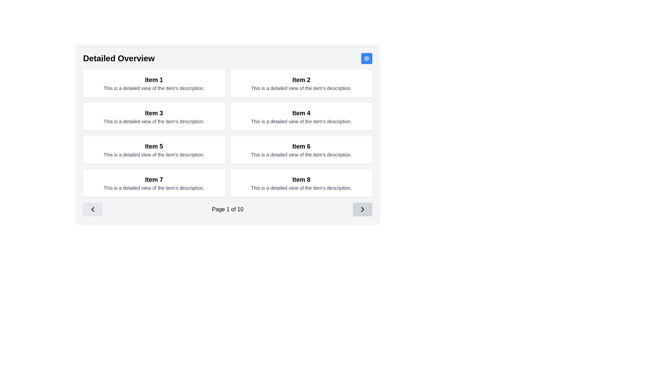 Image resolution: width=665 pixels, height=374 pixels. What do you see at coordinates (366, 58) in the screenshot?
I see `the settings icon represented by a cogwheel design located in the upper-right corner of the interface` at bounding box center [366, 58].